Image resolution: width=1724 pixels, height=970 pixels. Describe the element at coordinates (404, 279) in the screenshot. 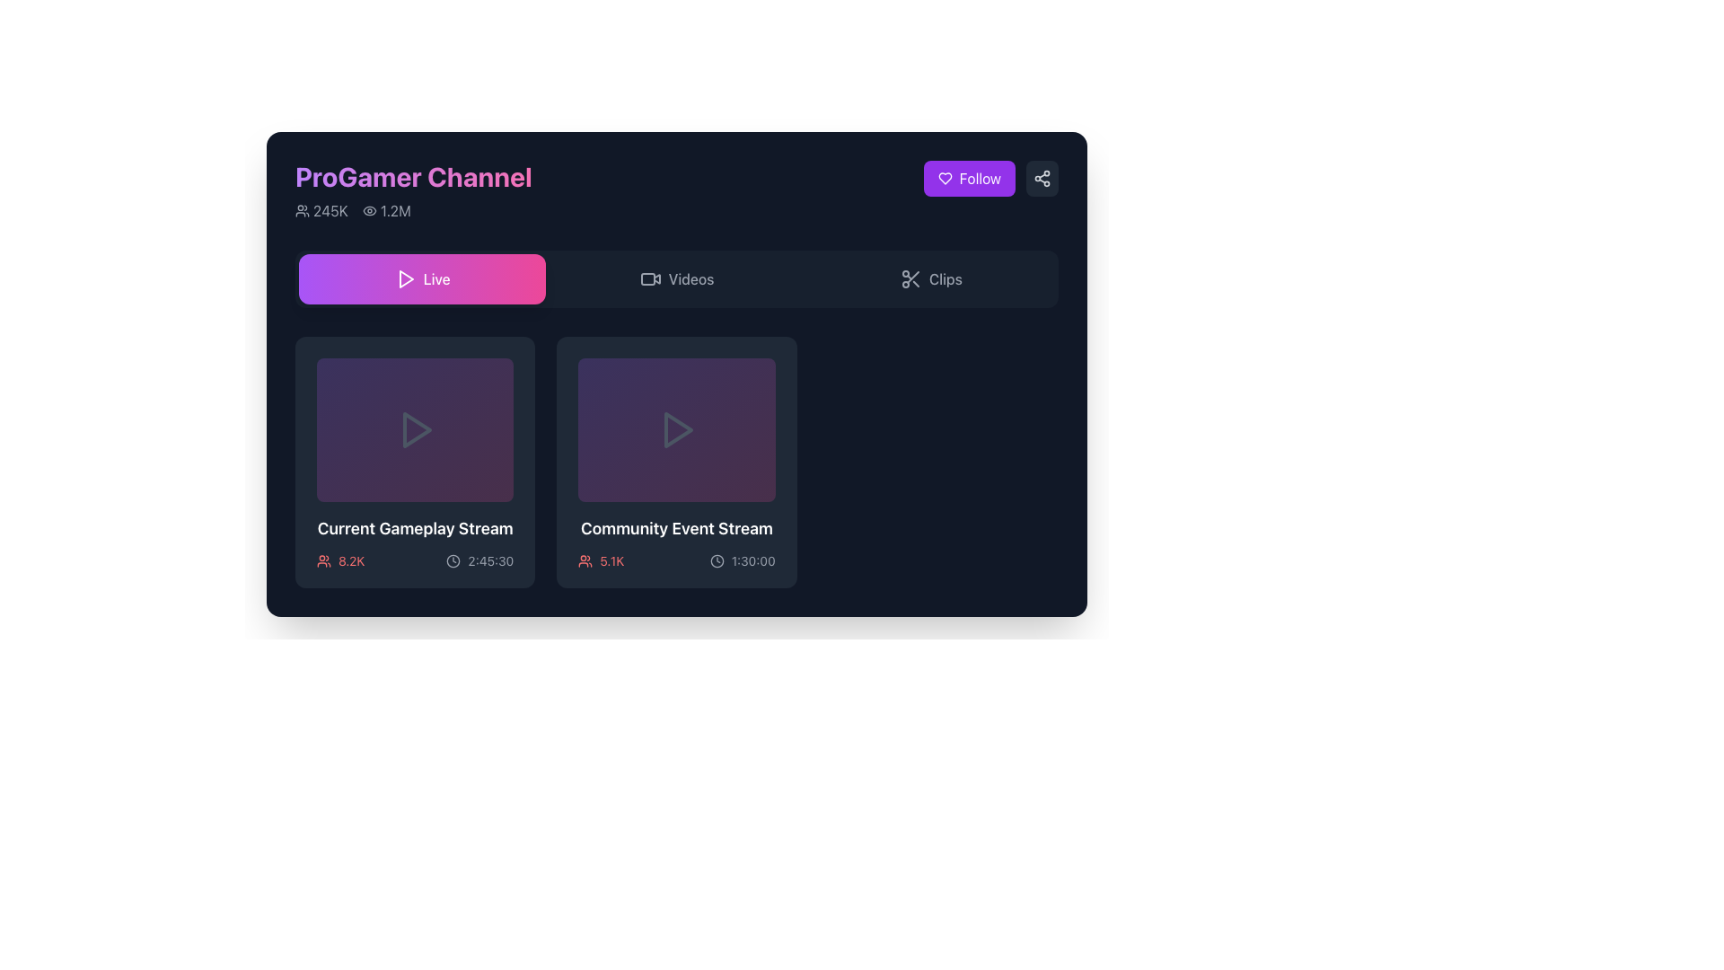

I see `the decorative icon indicating that the associated button is to initiate or display live content, which is located inside the 'Live' button in the second row of the interface` at that location.